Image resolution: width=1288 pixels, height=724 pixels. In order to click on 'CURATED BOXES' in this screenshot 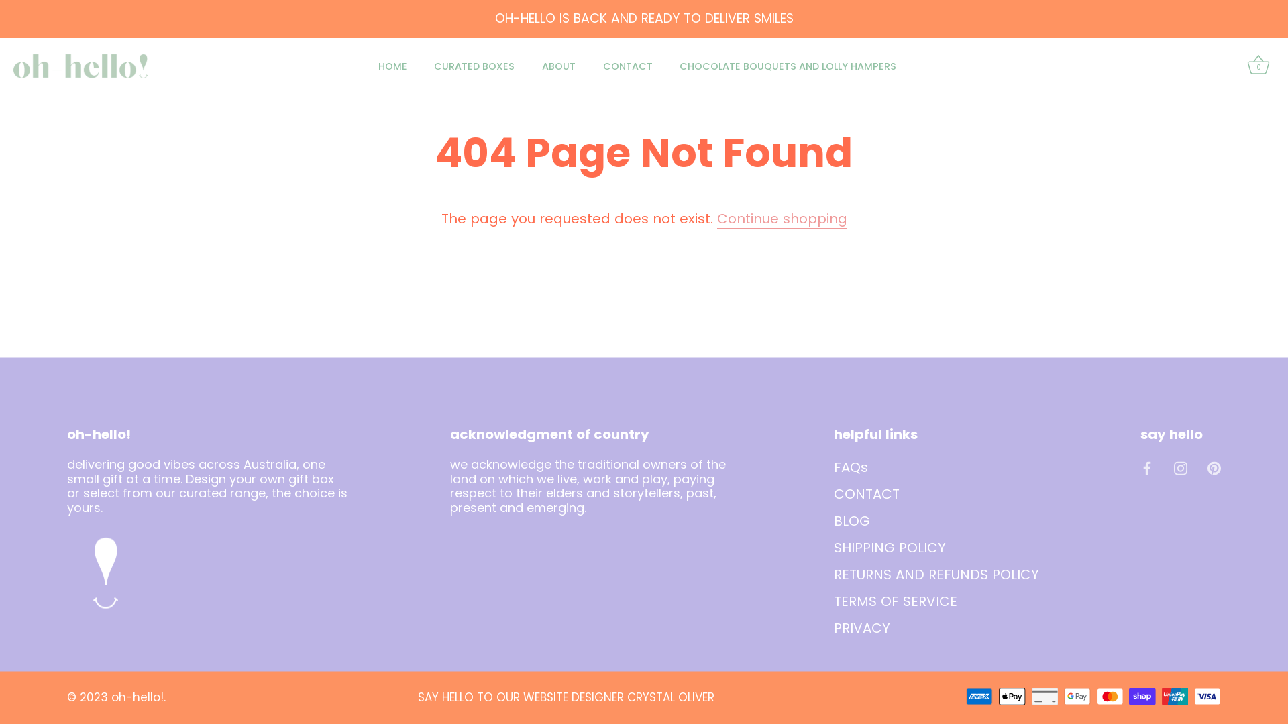, I will do `click(474, 66)`.